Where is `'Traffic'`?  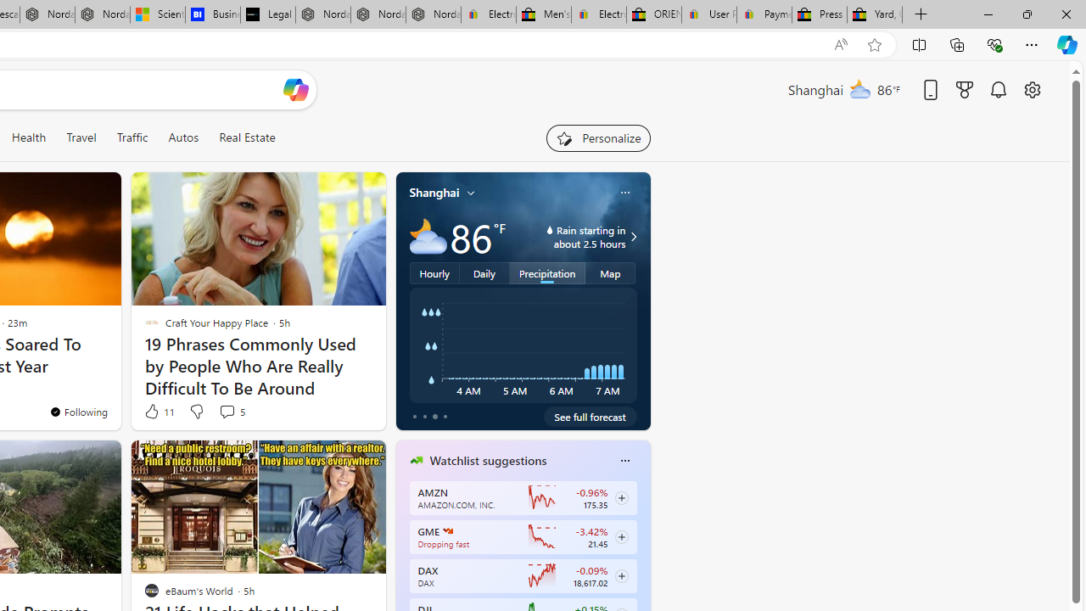 'Traffic' is located at coordinates (132, 137).